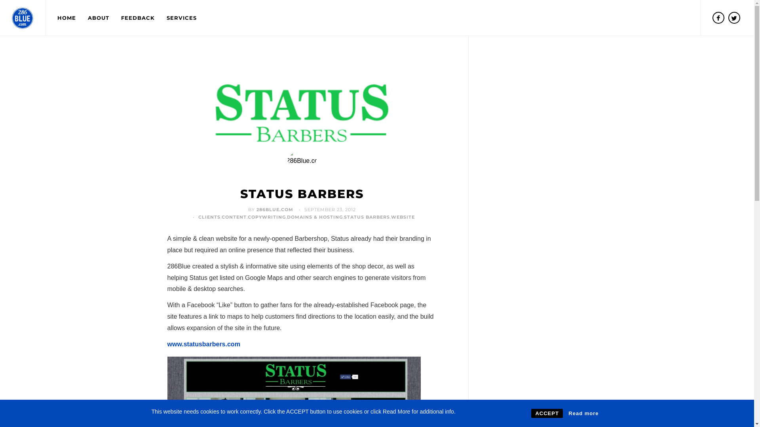 The width and height of the screenshot is (760, 427). I want to click on 'CONTENT', so click(234, 217).